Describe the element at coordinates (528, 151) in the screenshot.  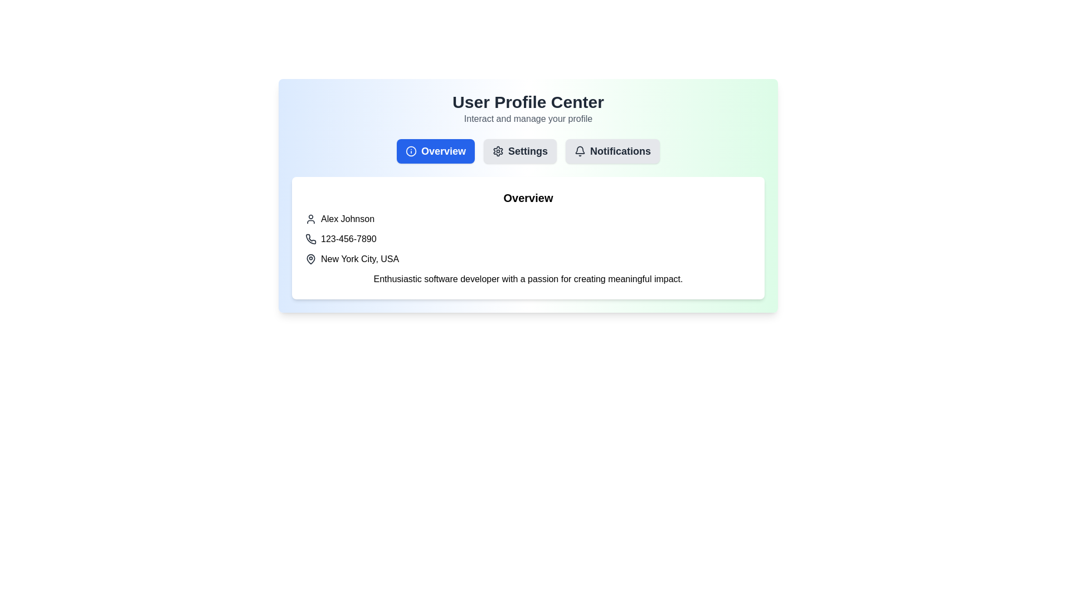
I see `the Navigation Menu located below the 'User Profile Center' heading` at that location.